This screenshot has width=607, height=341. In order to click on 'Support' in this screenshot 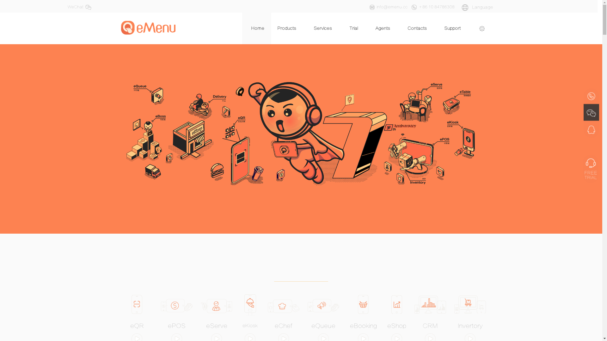, I will do `click(452, 28)`.